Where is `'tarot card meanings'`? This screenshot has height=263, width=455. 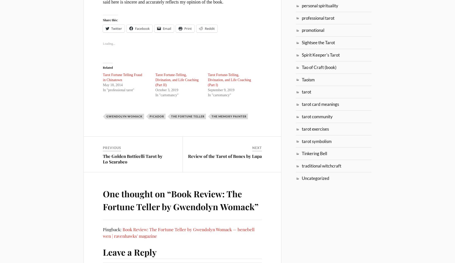 'tarot card meanings' is located at coordinates (320, 104).